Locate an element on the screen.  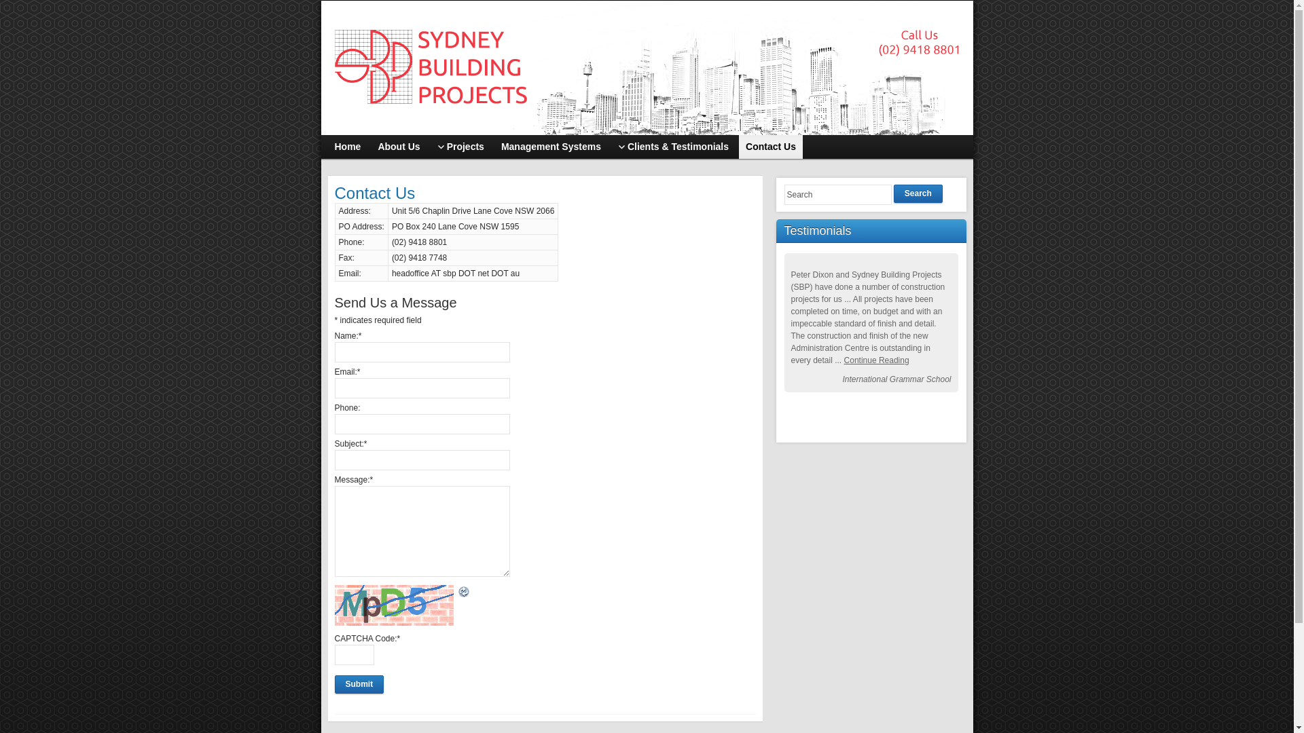
'Projects' is located at coordinates (429, 147).